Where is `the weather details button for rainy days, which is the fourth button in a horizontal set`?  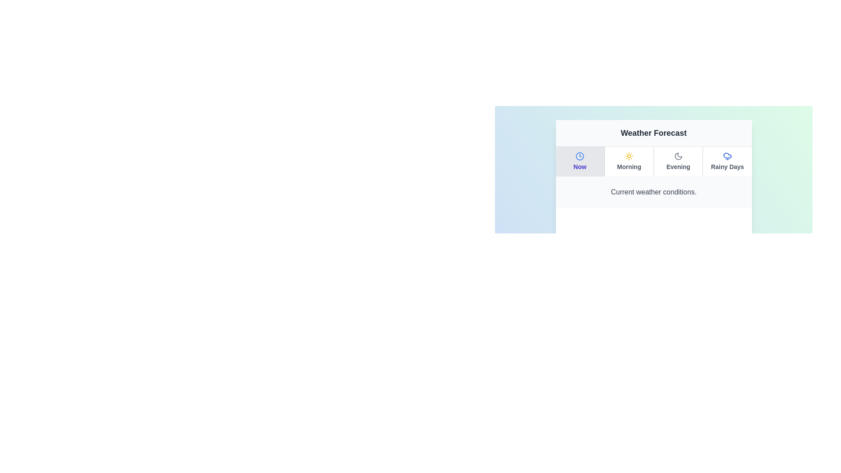 the weather details button for rainy days, which is the fourth button in a horizontal set is located at coordinates (727, 162).